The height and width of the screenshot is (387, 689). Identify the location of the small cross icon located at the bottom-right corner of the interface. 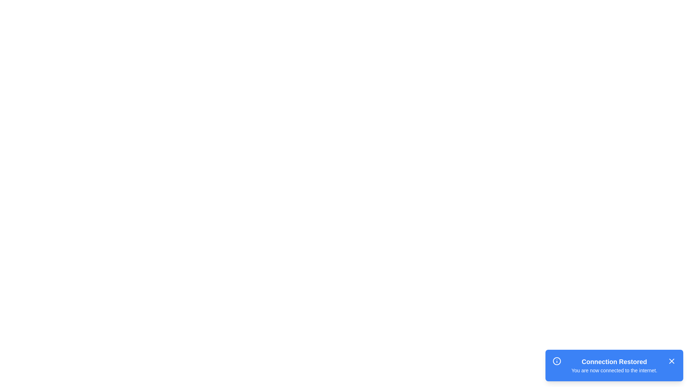
(671, 361).